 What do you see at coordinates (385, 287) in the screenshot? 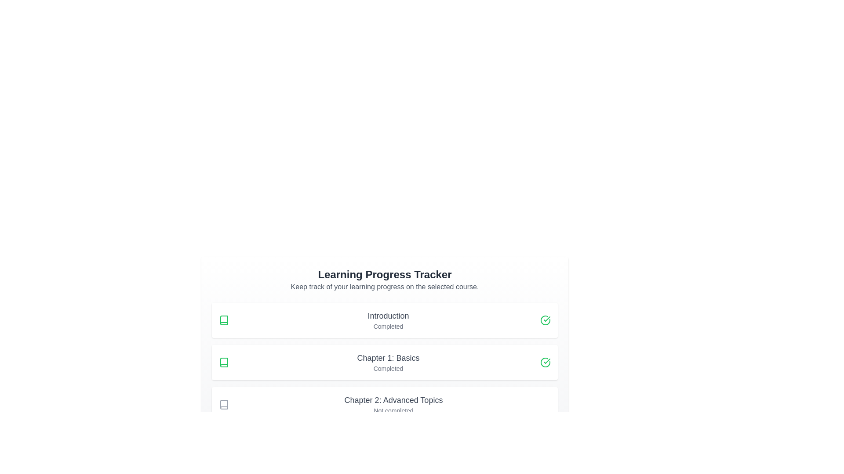
I see `the descriptive subtitle text label for the learning progress tracker feature, which is centrally positioned below the heading 'Learning Progress Tracker'` at bounding box center [385, 287].